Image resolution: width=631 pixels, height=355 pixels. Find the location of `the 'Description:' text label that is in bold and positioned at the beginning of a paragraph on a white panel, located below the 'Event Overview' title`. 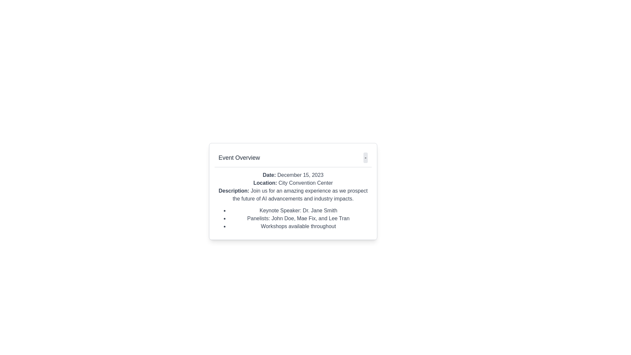

the 'Description:' text label that is in bold and positioned at the beginning of a paragraph on a white panel, located below the 'Event Overview' title is located at coordinates (234, 191).